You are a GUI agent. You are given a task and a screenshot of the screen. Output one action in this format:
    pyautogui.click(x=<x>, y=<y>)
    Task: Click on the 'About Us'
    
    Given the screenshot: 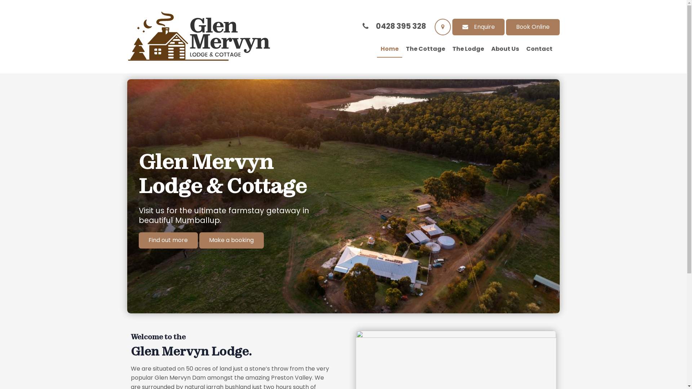 What is the action you would take?
    pyautogui.click(x=504, y=49)
    